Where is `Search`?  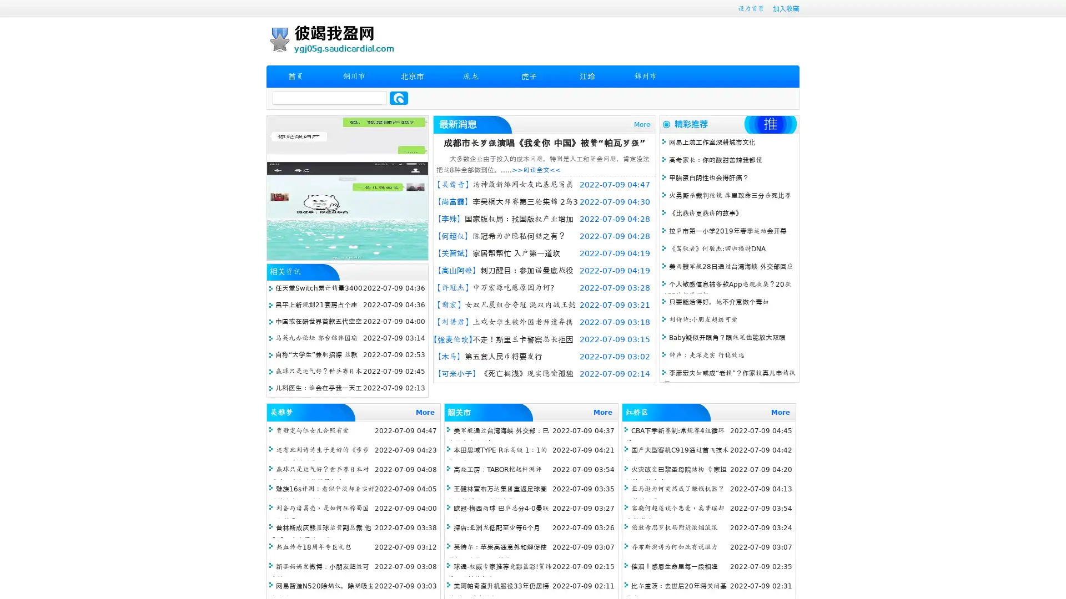
Search is located at coordinates (399, 98).